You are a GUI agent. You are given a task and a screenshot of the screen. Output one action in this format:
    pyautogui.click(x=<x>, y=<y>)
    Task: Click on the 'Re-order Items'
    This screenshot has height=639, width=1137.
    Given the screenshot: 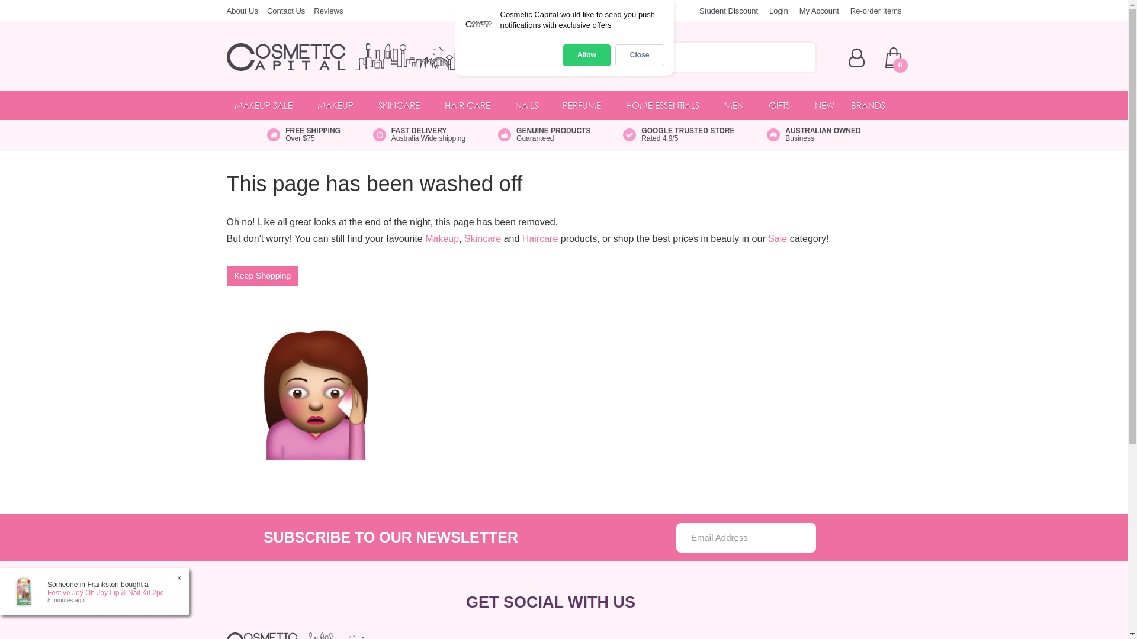 What is the action you would take?
    pyautogui.click(x=876, y=11)
    